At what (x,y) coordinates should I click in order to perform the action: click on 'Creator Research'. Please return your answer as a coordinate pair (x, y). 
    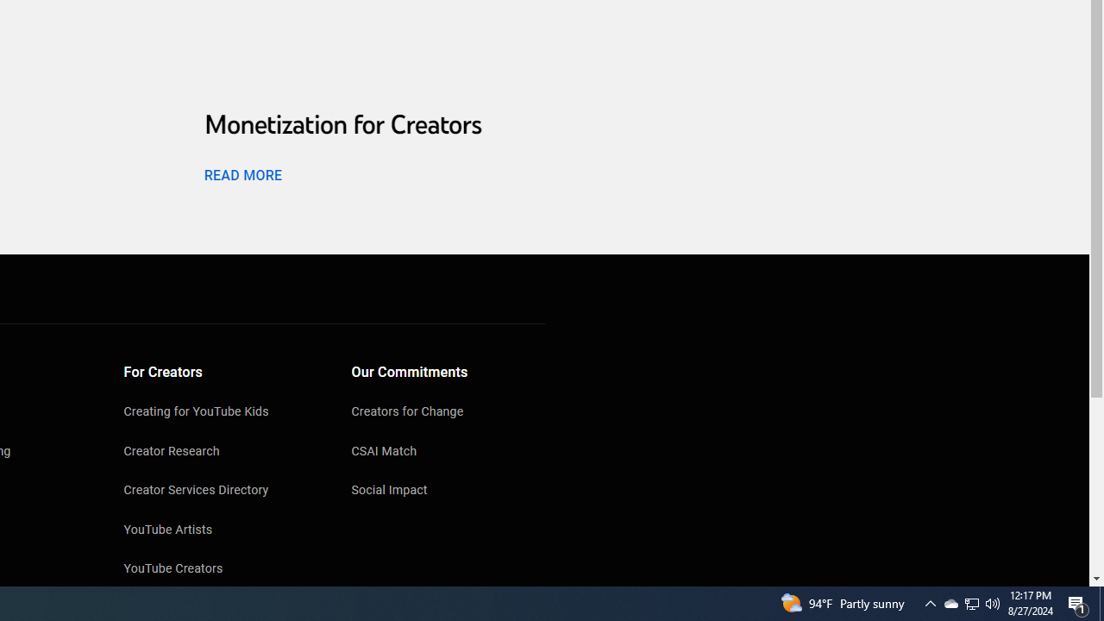
    Looking at the image, I should click on (220, 451).